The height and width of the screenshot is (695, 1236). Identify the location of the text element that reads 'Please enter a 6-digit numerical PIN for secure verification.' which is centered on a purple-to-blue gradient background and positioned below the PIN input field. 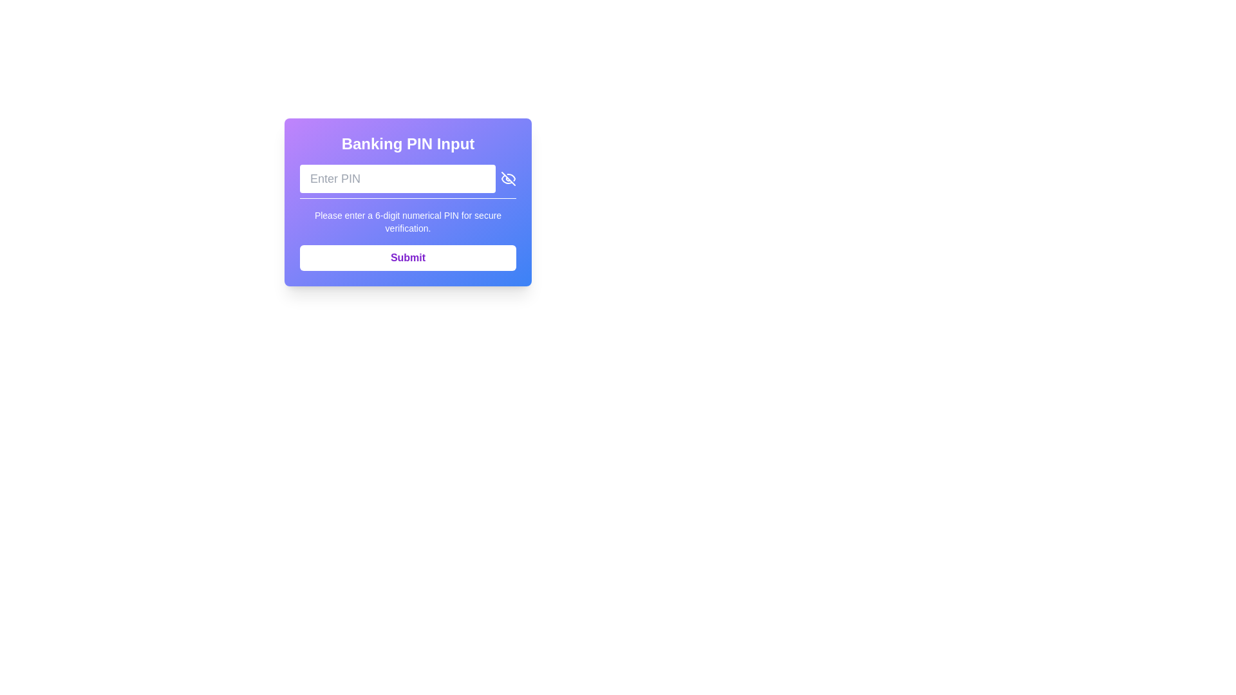
(407, 221).